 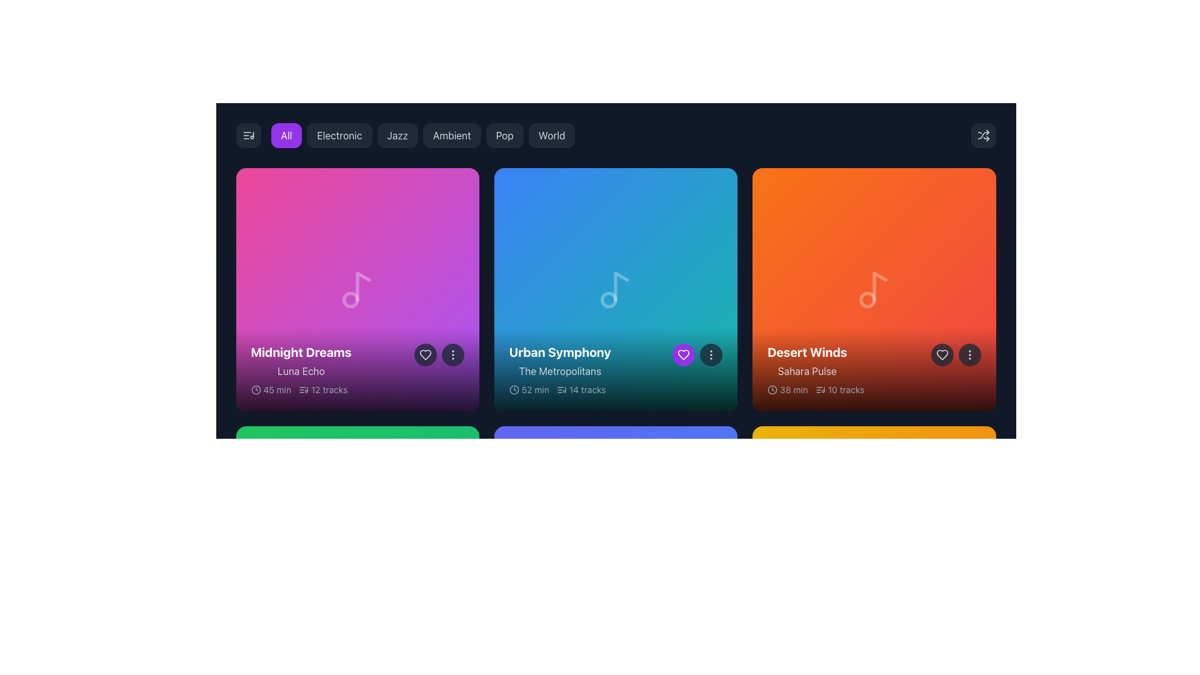 What do you see at coordinates (557, 389) in the screenshot?
I see `text '52 min 14 tracks' displayed in the Text with icons component located at the bottom of the 'Urban Symphony' album card by 'The Metropolitans'` at bounding box center [557, 389].